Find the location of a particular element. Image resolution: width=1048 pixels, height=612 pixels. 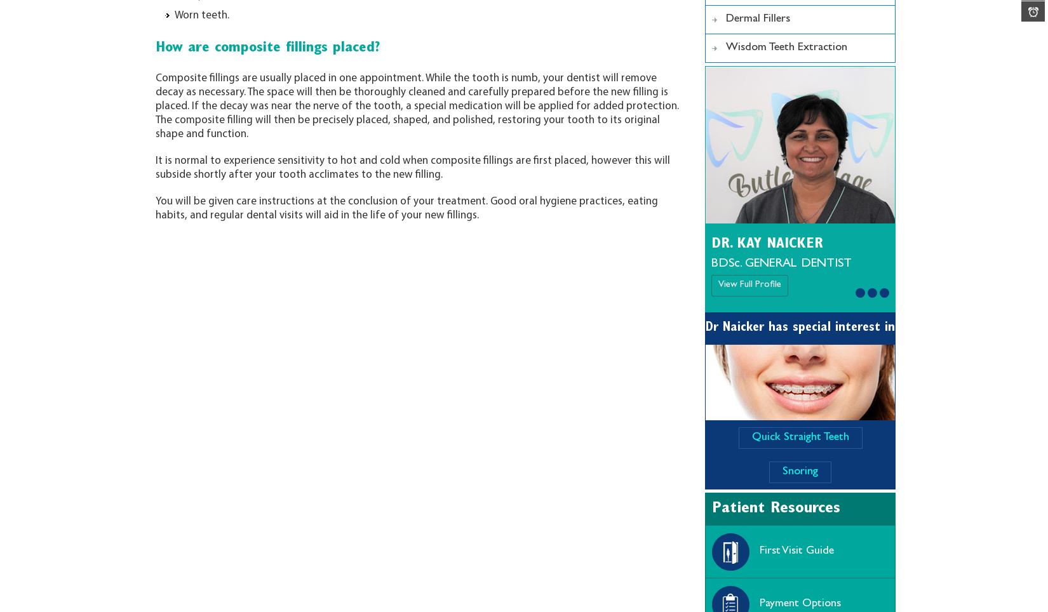

'Payment Options' is located at coordinates (799, 604).